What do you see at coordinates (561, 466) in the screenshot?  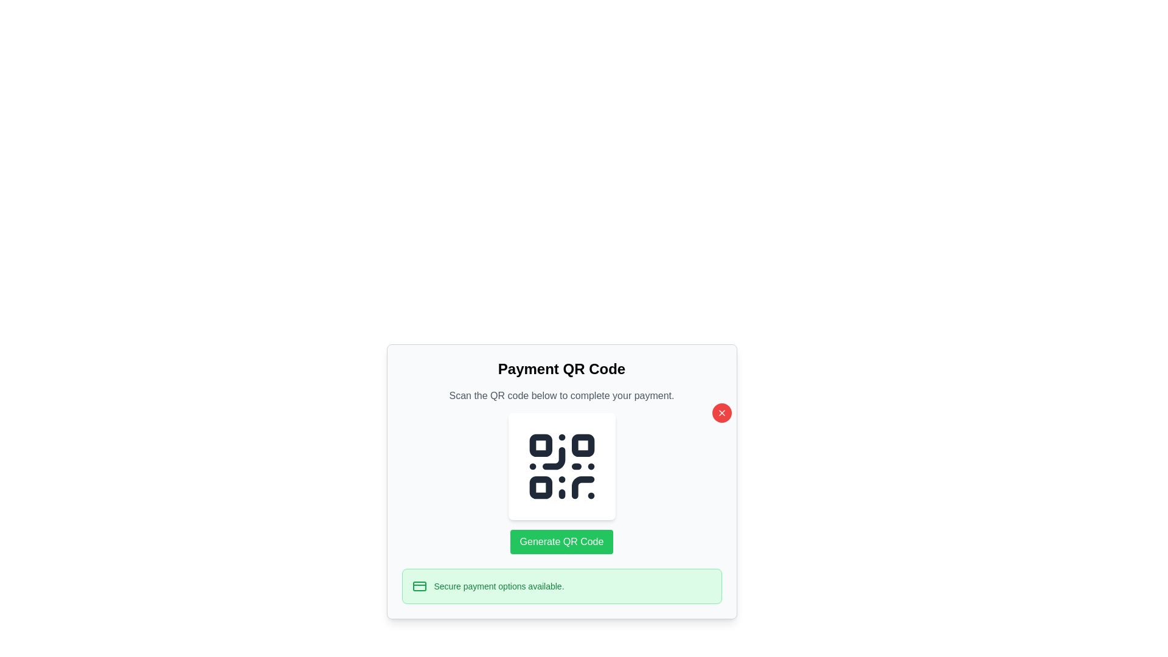 I see `the QR code displayed prominently above the green button labeled 'Generate QR Code' within the card-like component` at bounding box center [561, 466].